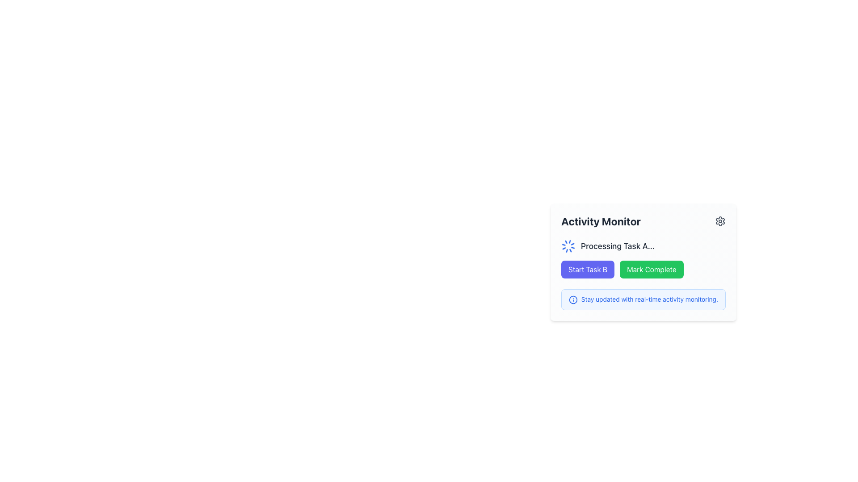 Image resolution: width=858 pixels, height=482 pixels. Describe the element at coordinates (643, 261) in the screenshot. I see `the second button used to mark a task as completed, located under the text 'Processing Task A...' in the 'Activity Monitor' box to observe its hover effects` at that location.